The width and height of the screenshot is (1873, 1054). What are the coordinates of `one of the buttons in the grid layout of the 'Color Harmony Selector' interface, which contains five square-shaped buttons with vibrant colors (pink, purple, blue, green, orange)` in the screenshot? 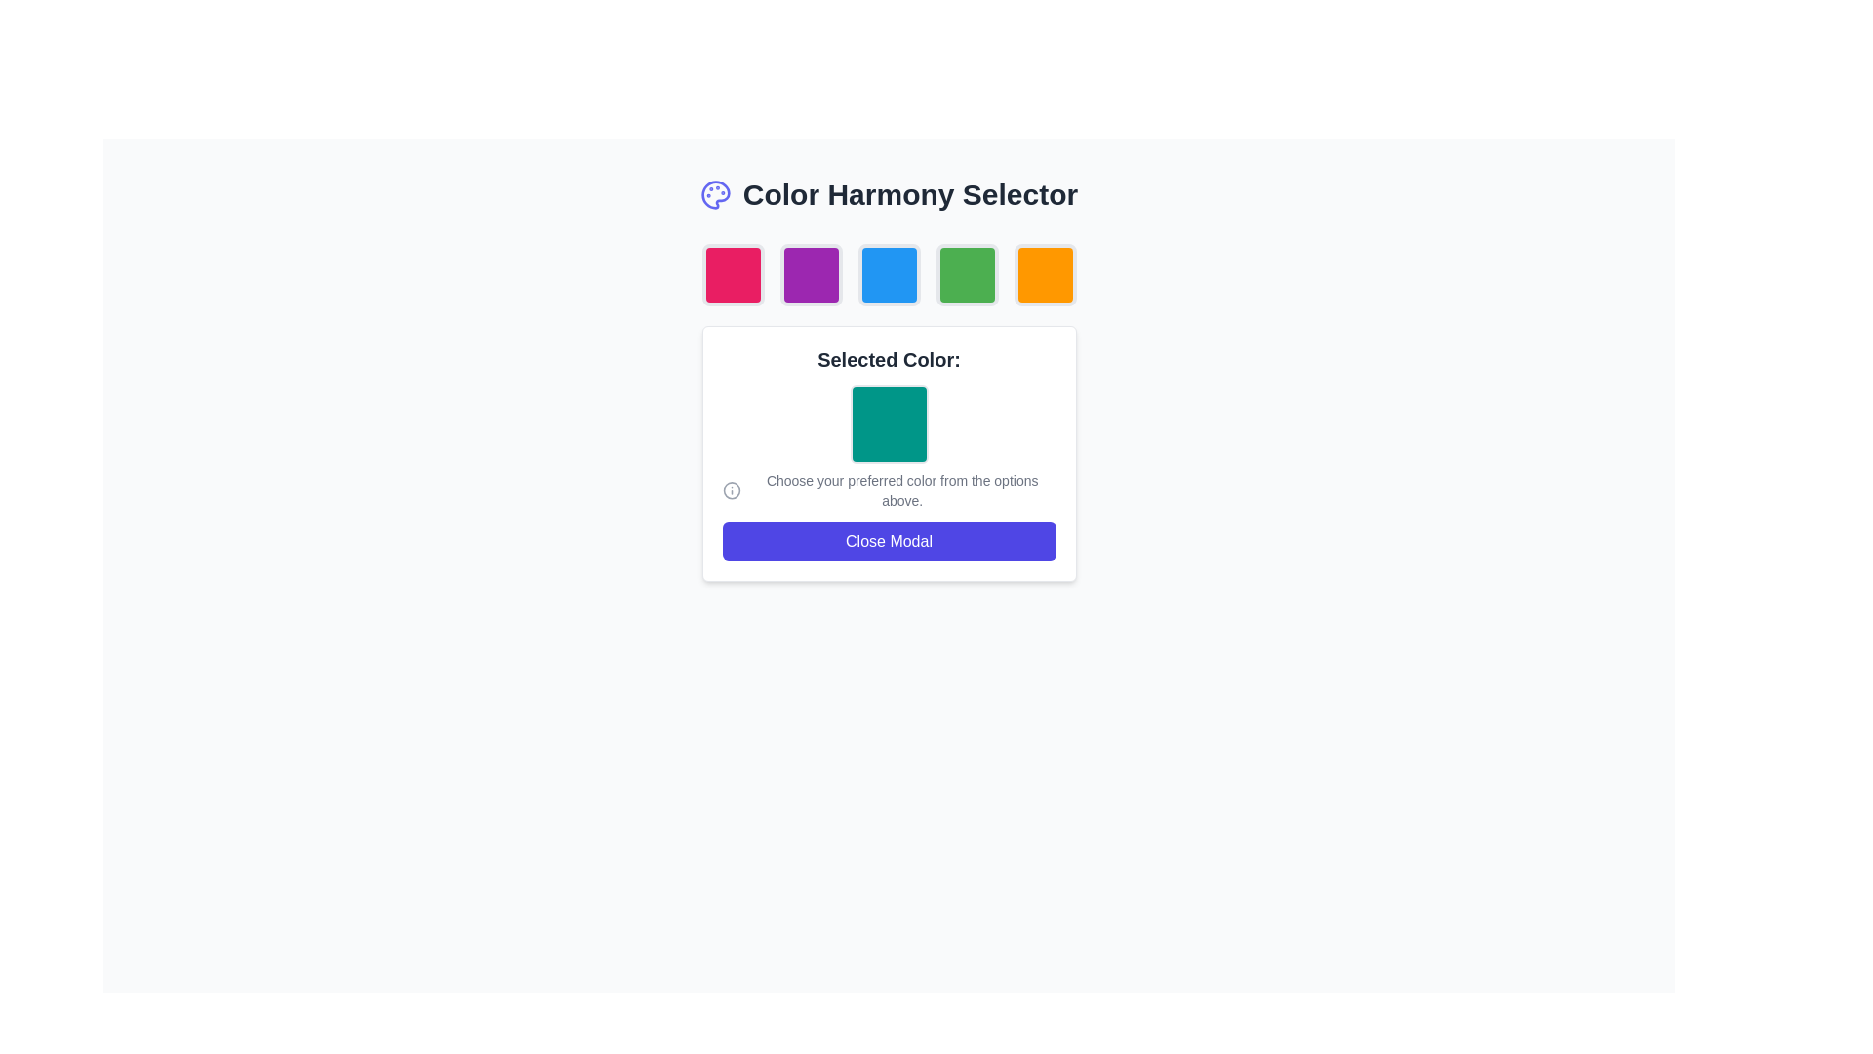 It's located at (888, 274).